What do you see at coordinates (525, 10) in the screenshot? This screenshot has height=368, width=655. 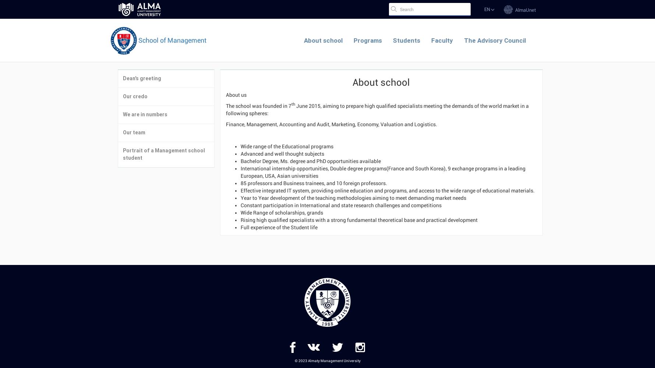 I see `'AlmaUnet'` at bounding box center [525, 10].